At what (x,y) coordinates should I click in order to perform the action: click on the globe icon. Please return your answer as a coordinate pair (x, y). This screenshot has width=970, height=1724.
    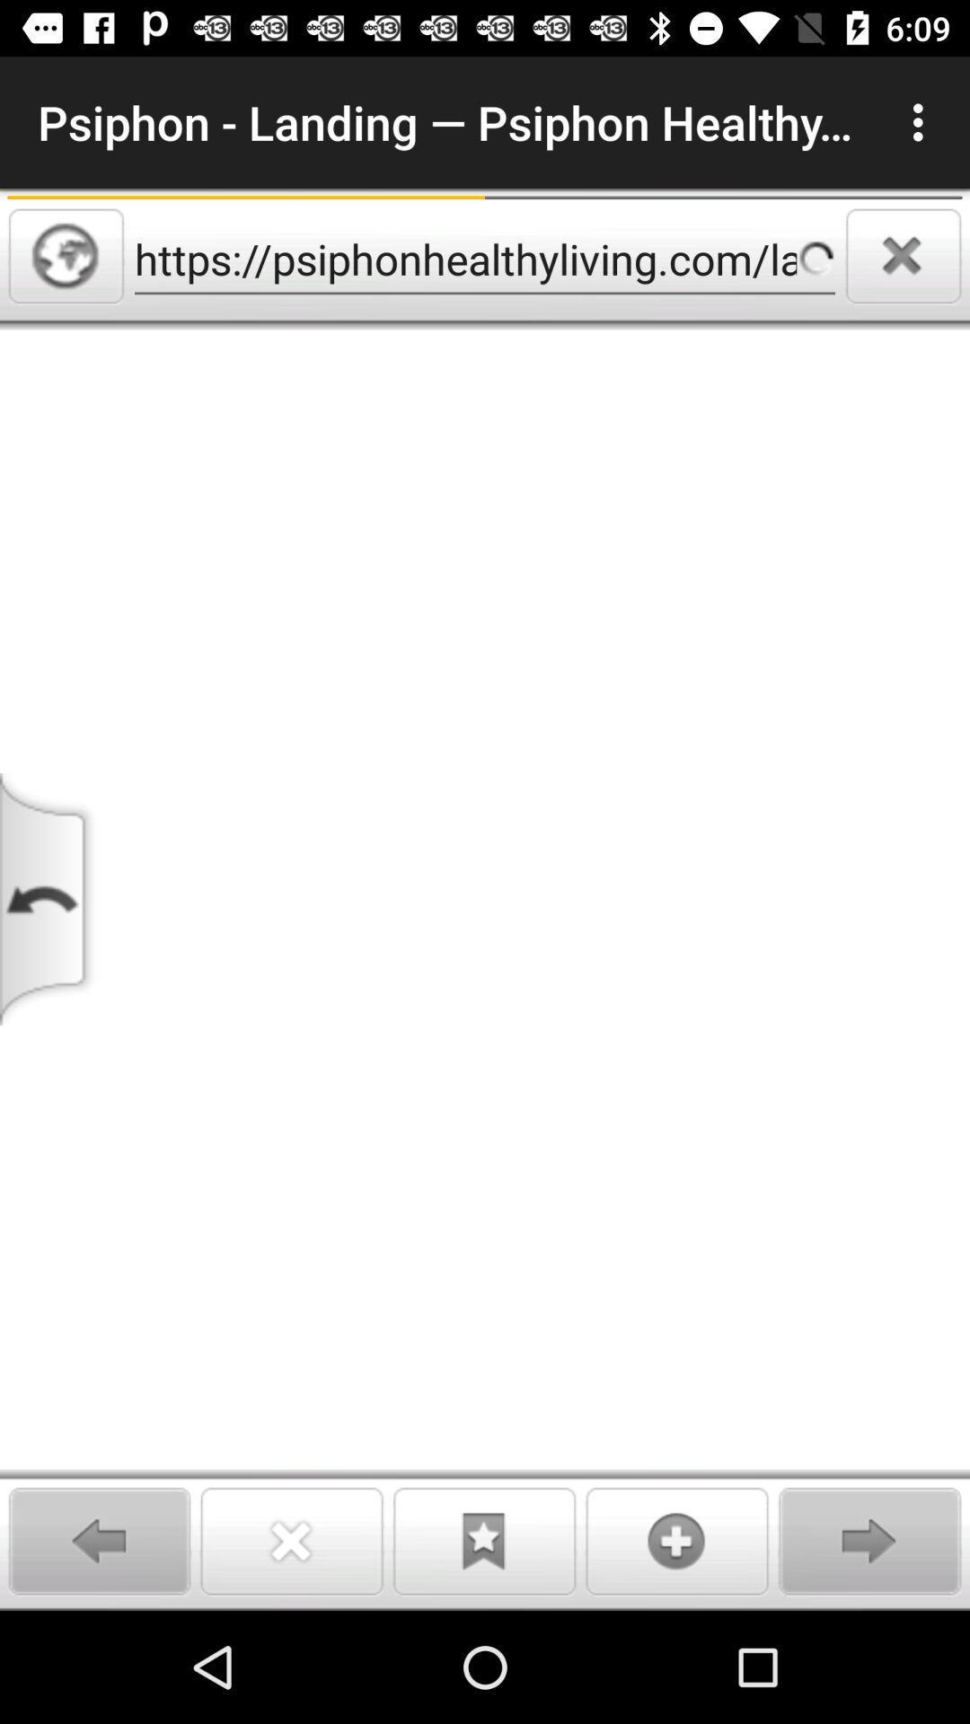
    Looking at the image, I should click on (65, 255).